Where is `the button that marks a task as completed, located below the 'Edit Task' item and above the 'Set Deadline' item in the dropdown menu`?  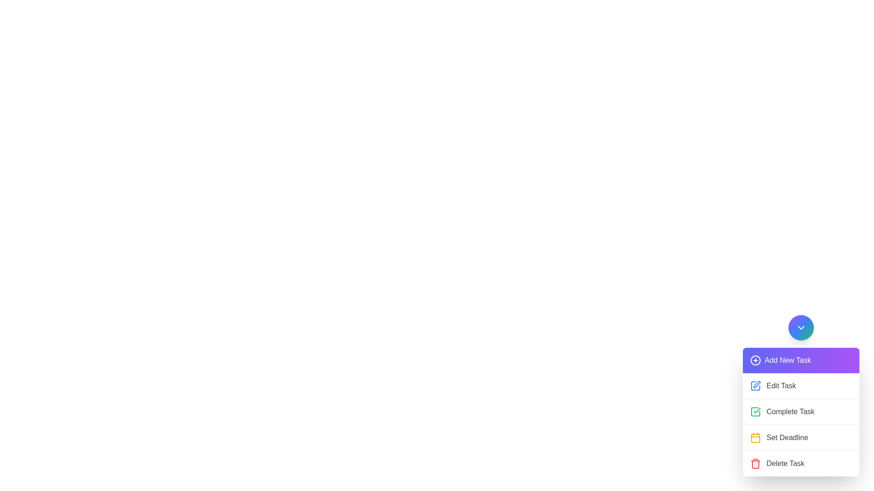
the button that marks a task as completed, located below the 'Edit Task' item and above the 'Set Deadline' item in the dropdown menu is located at coordinates (801, 411).